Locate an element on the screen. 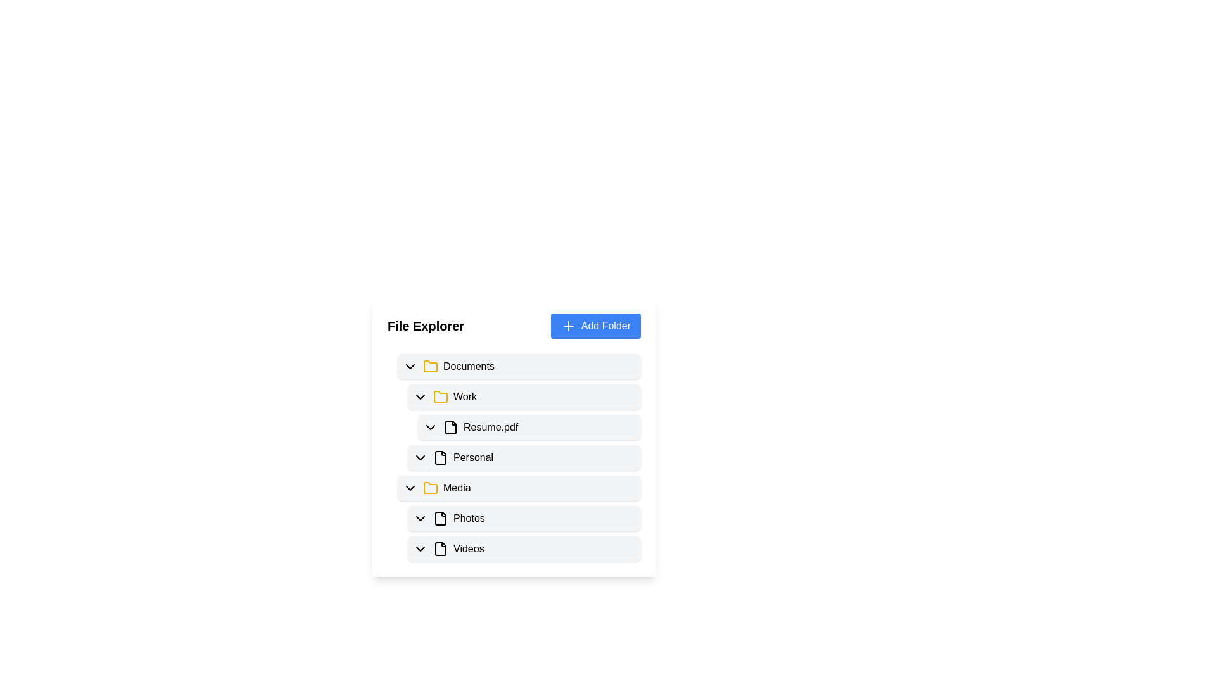 The height and width of the screenshot is (684, 1216). on the interactive list item representing the 'Videos' category in the Media section is located at coordinates (519, 546).